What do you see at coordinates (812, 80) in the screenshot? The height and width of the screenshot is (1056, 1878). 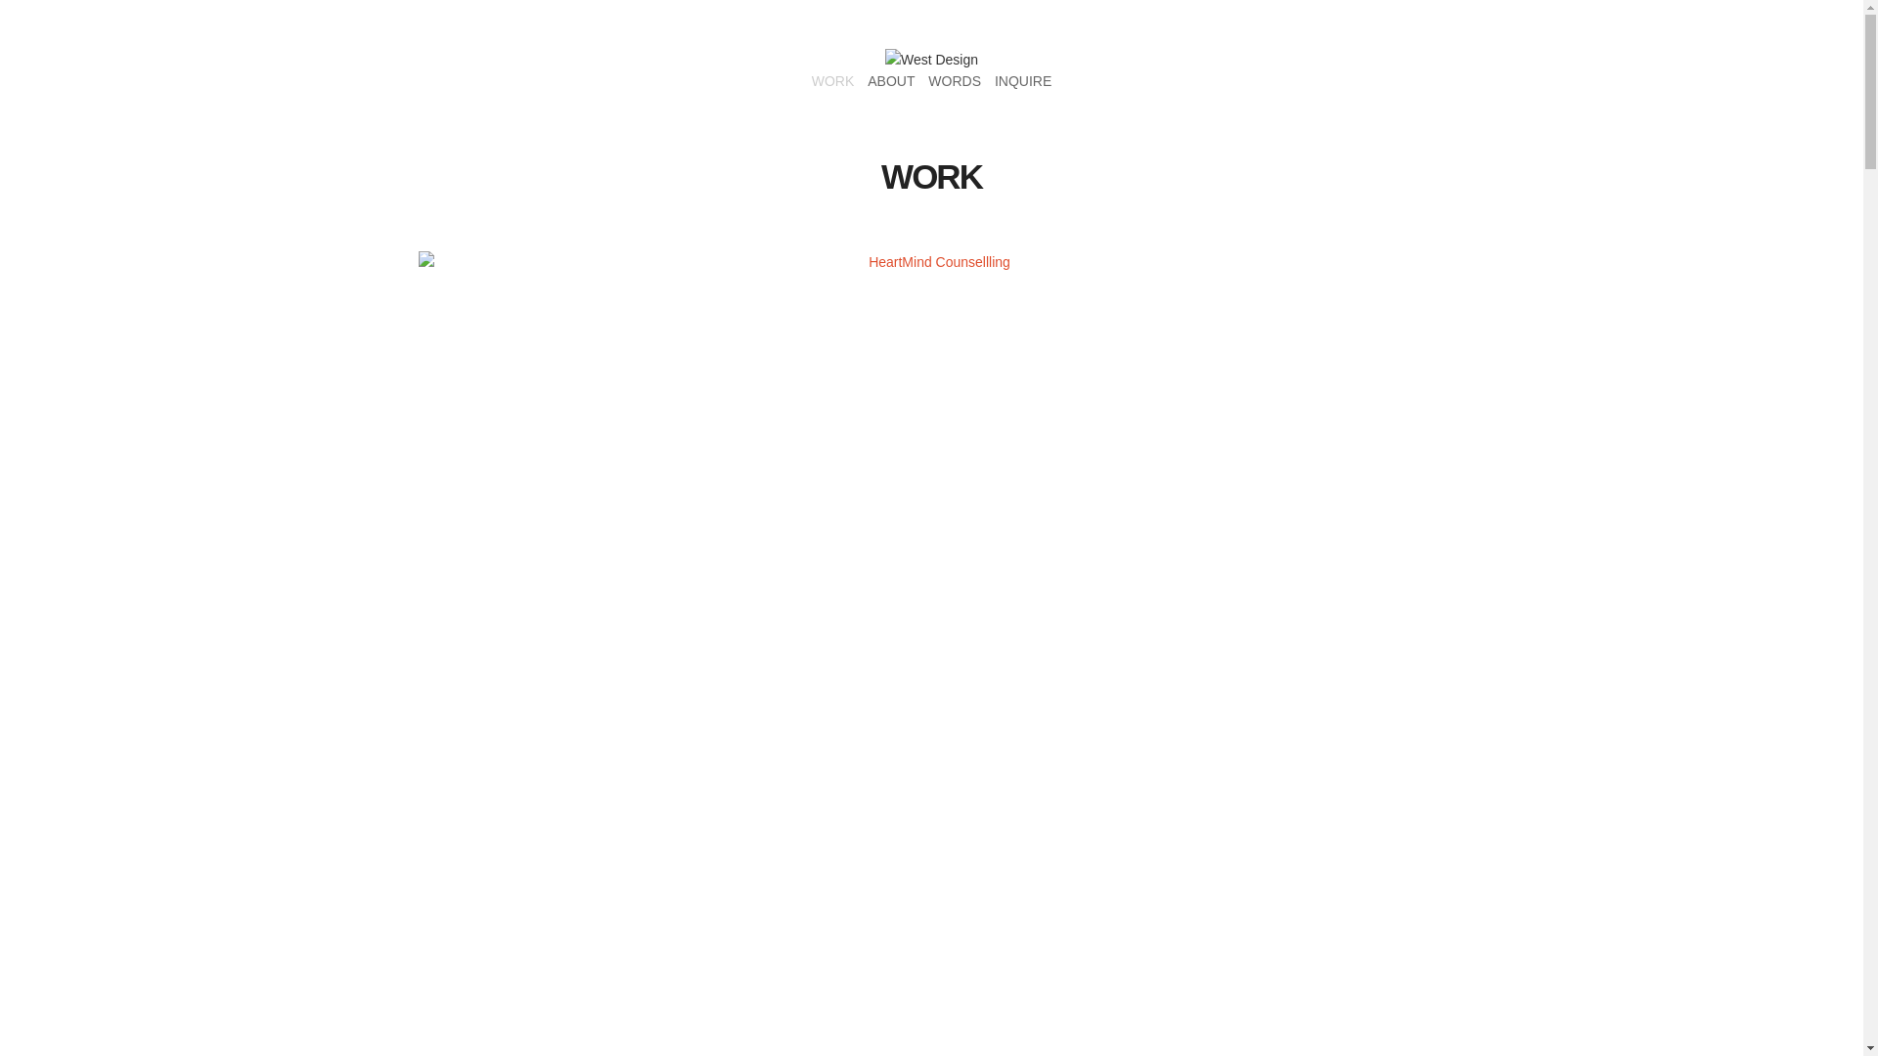 I see `'WORK'` at bounding box center [812, 80].